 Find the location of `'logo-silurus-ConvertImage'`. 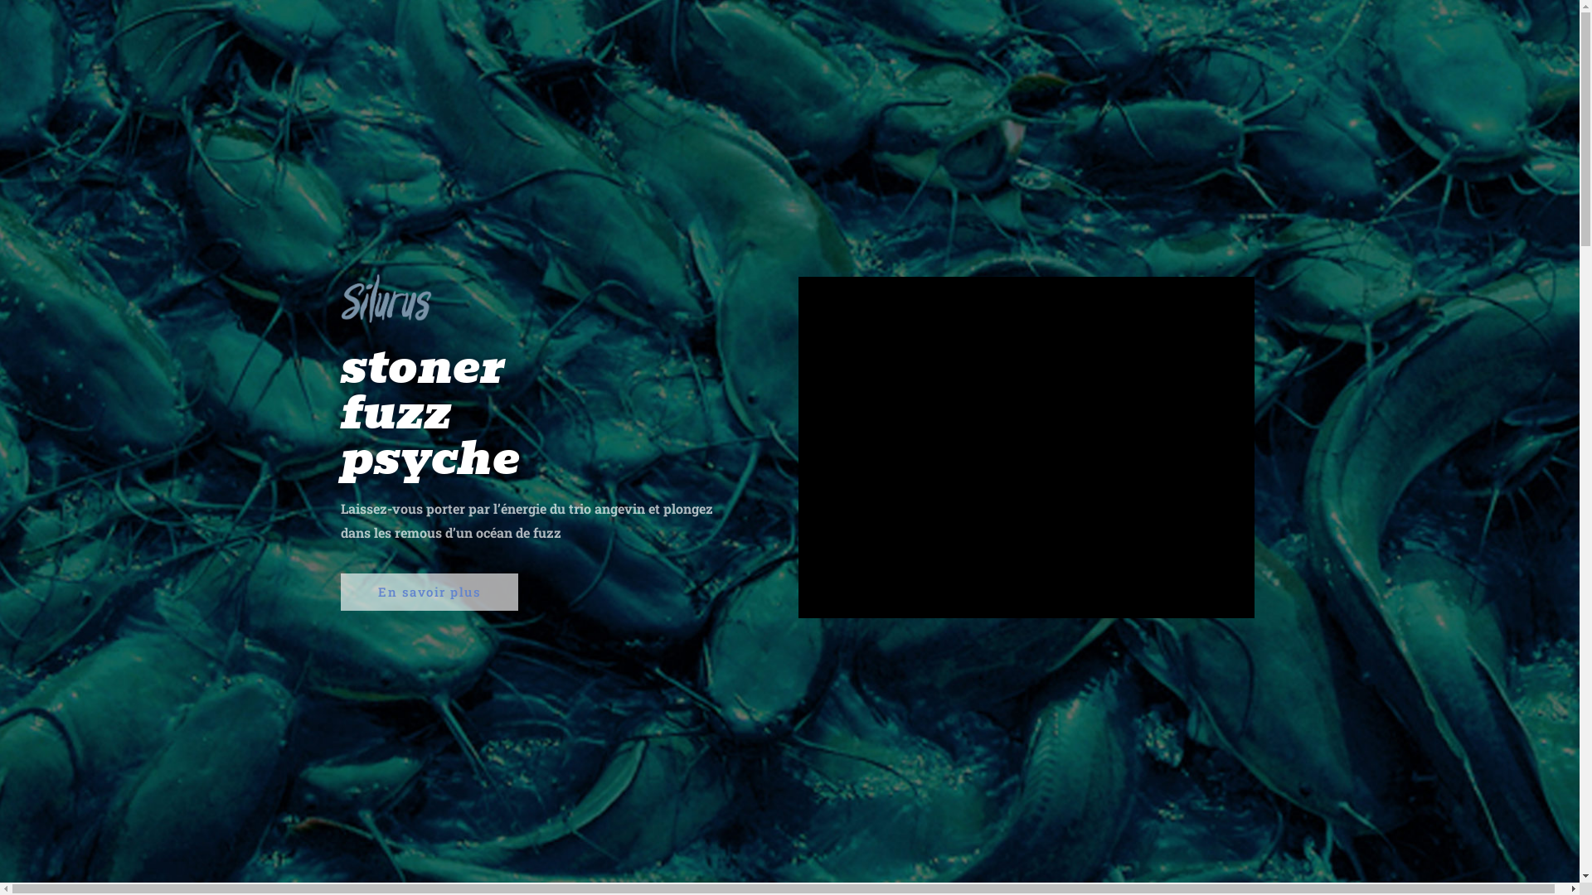

'logo-silurus-ConvertImage' is located at coordinates (340, 296).